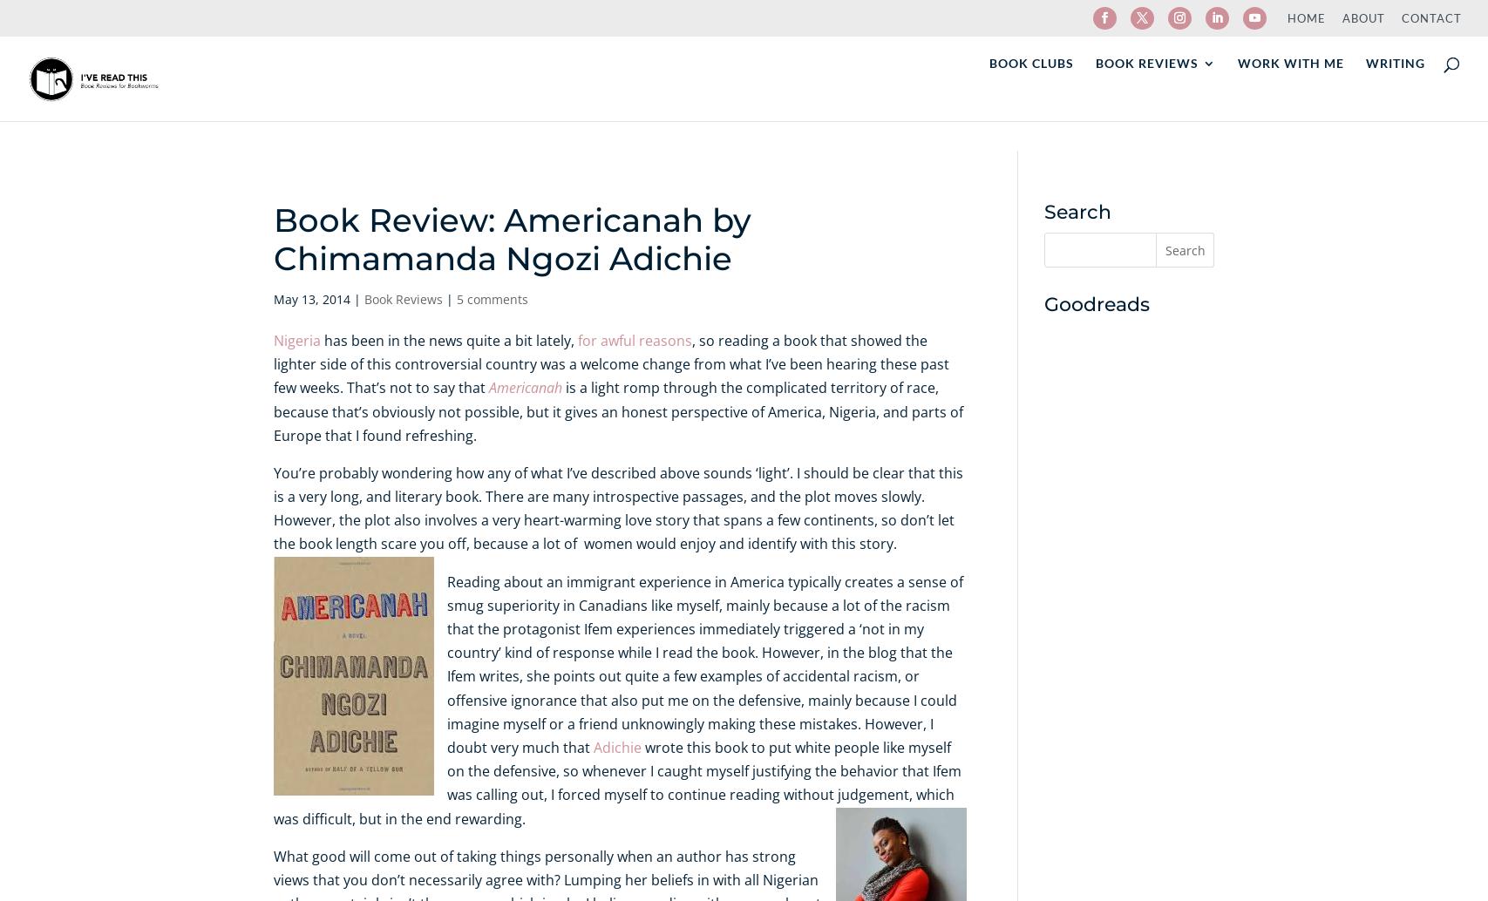 This screenshot has width=1488, height=901. Describe the element at coordinates (703, 663) in the screenshot. I see `'Reading about an immigrant experience in America typically creates a sense of smug superiority in Canadians like myself, mainly because a lot of the racism that the protagonist Ifem experiences immediately triggered a ‘not in my country’ kind of response while I read the book. However, in the blog that the Ifem writes, she points out quite a few examples of accidental racism, or offensive ignorance that also put me on the defensive, mainly because I could imagine myself or a friend unknowingly making these mistakes. However, I doubt very much that'` at that location.